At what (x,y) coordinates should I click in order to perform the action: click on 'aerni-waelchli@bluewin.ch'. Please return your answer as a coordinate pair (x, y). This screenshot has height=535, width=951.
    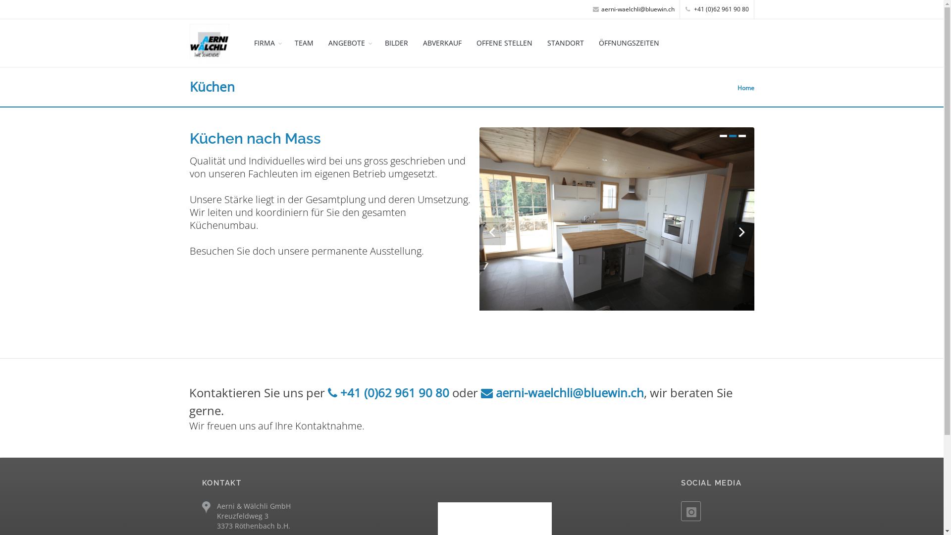
    Looking at the image, I should click on (633, 9).